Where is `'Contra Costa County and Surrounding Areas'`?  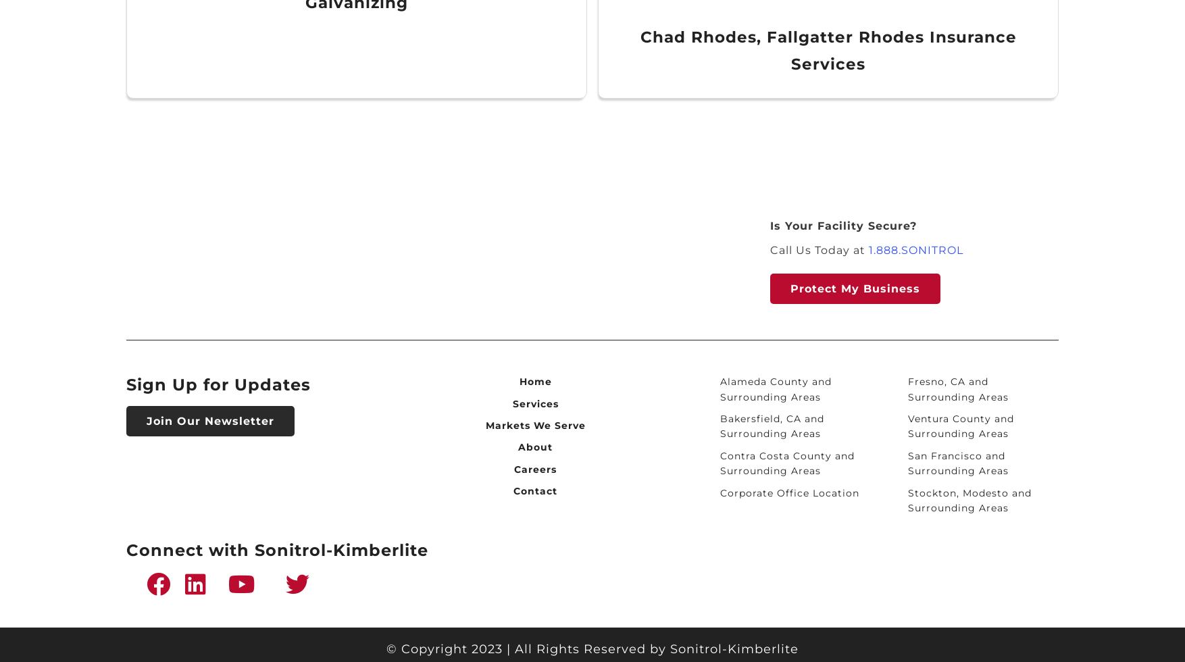
'Contra Costa County and Surrounding Areas' is located at coordinates (786, 463).